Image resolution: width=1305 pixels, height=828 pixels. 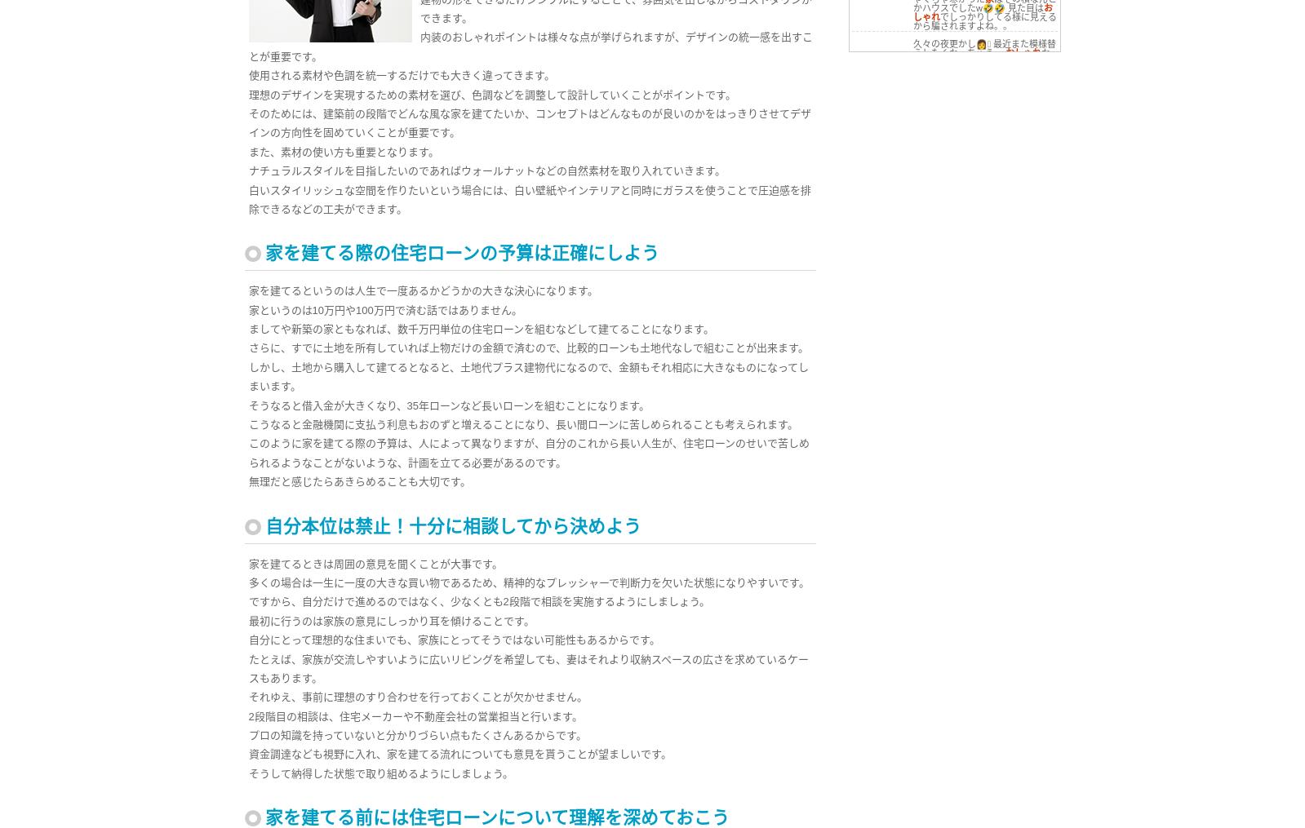 I want to click on '◎2021/1/18', so click(x=887, y=224).